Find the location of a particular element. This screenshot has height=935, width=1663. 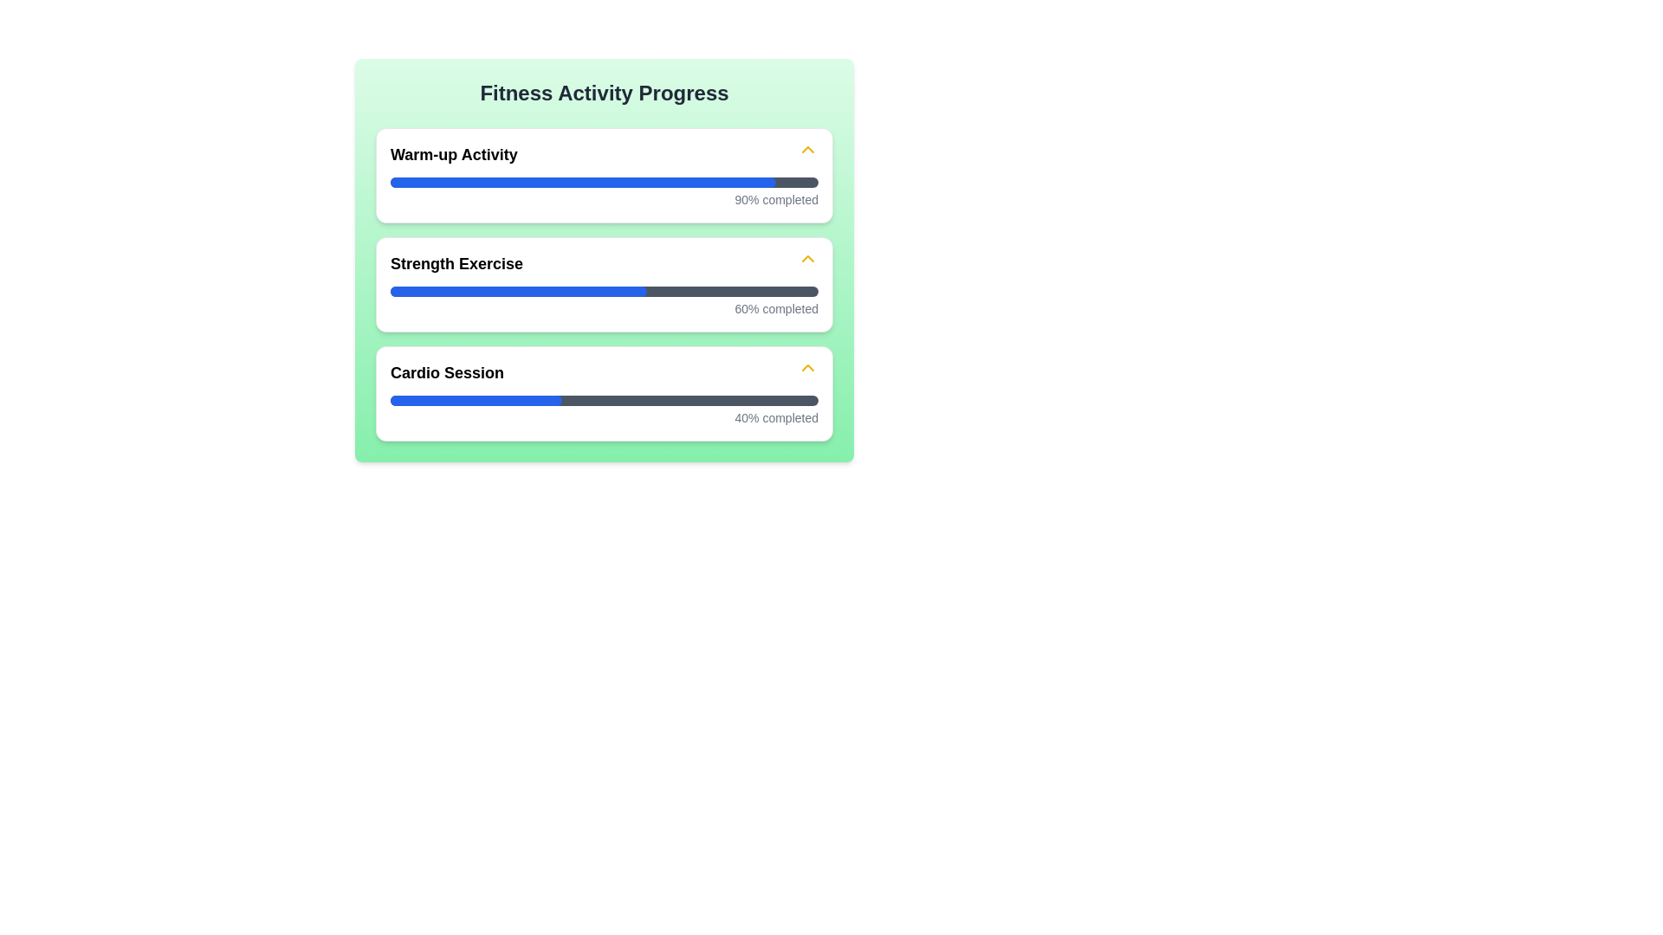

the blue progress bar segment representing 90% completion within the 'Warm-up Activity' section is located at coordinates (583, 183).